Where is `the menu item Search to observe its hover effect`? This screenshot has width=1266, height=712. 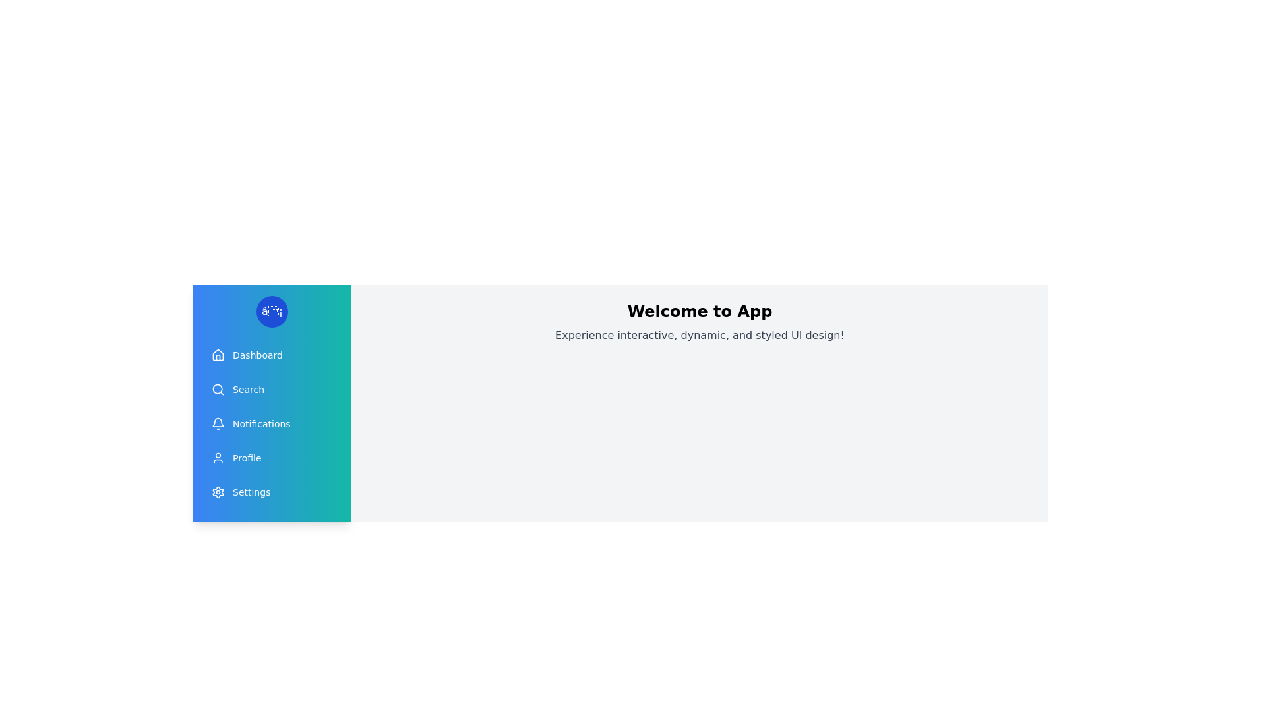 the menu item Search to observe its hover effect is located at coordinates (271, 388).